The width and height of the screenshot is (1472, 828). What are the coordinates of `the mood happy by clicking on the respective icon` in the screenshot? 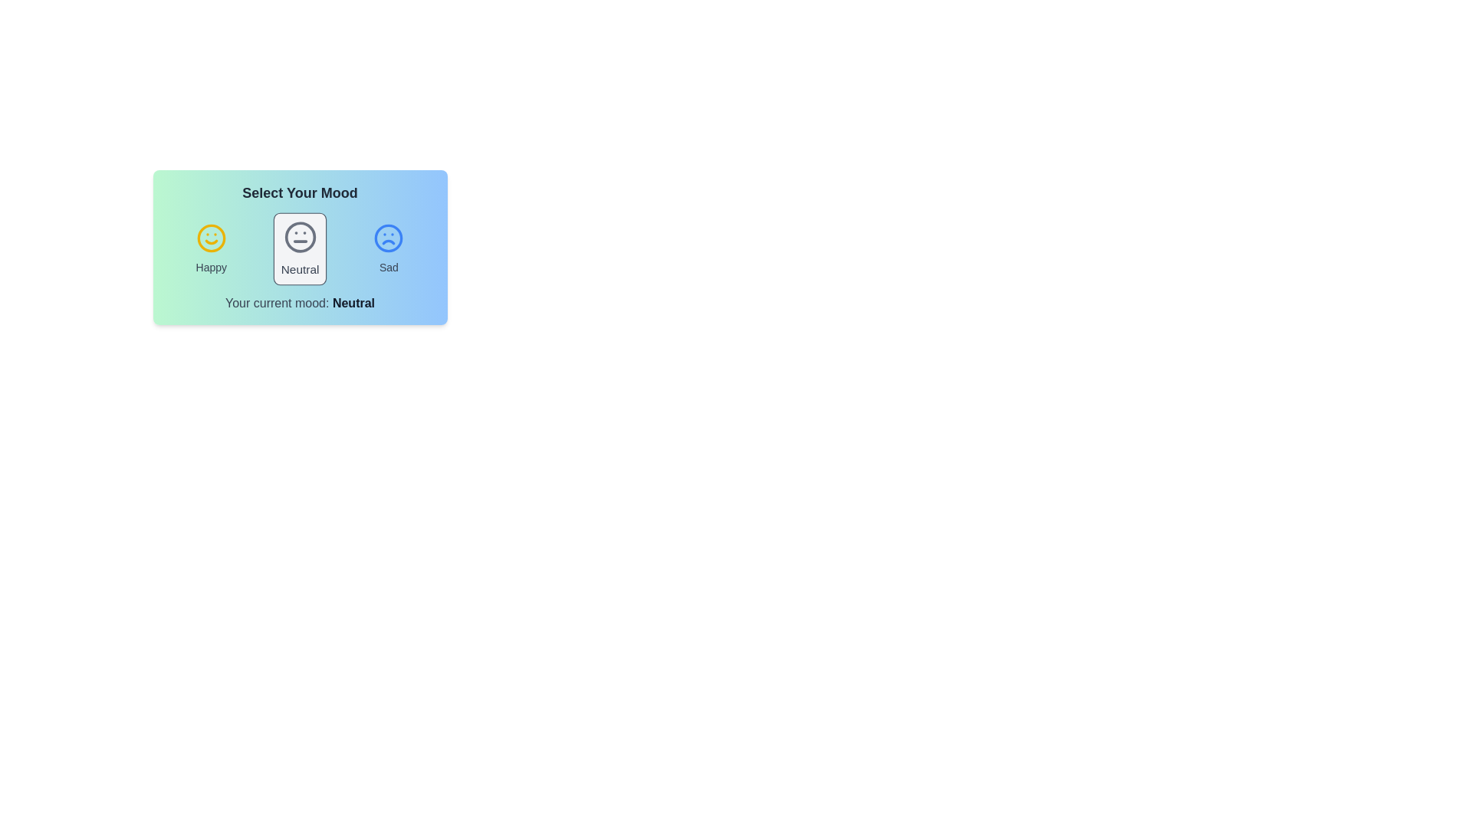 It's located at (209, 248).